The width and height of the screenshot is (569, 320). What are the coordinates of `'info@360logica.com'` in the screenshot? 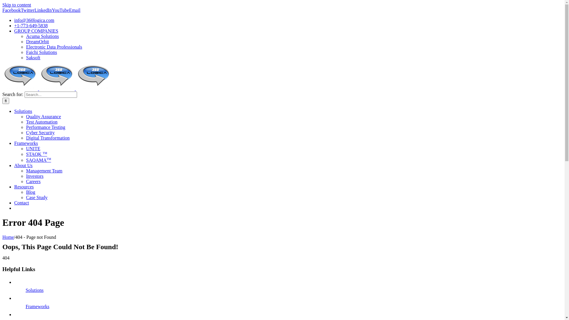 It's located at (34, 20).